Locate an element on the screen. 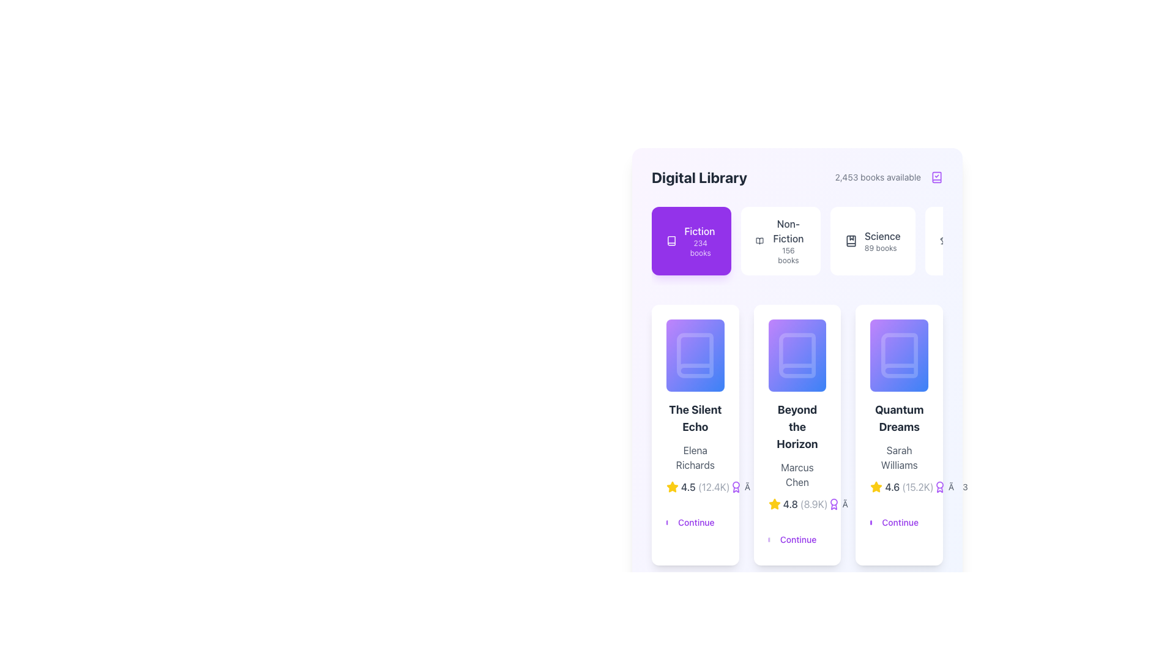  the small book icon located in the purple 'Fiction' button is located at coordinates (671, 241).